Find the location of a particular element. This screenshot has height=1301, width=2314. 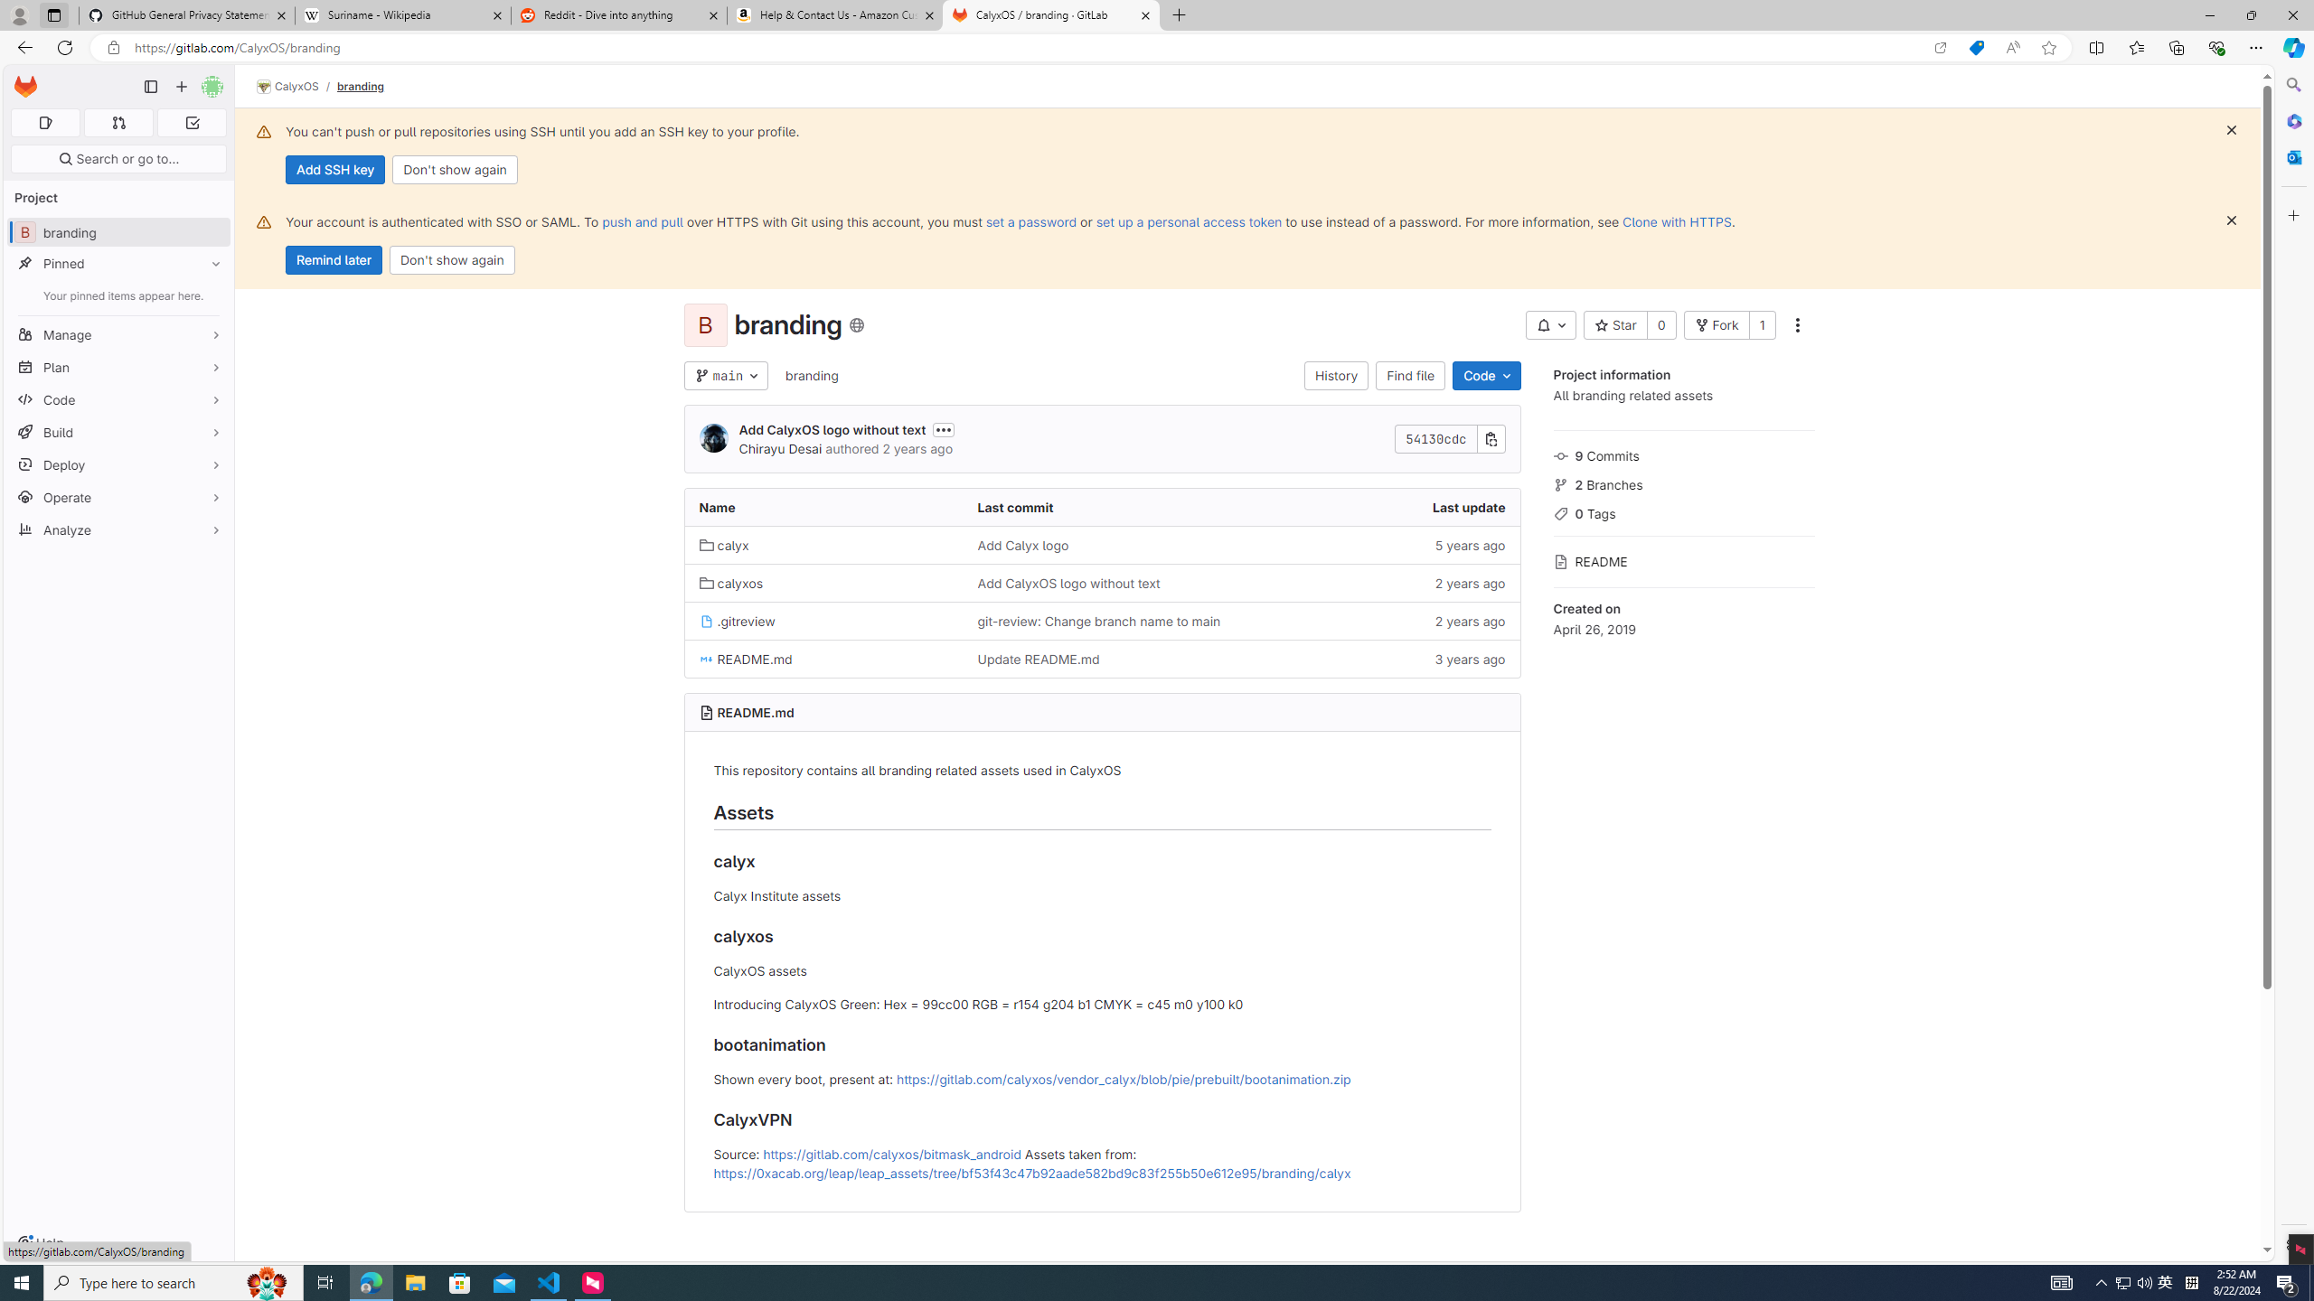

'Bbranding' is located at coordinates (118, 231).